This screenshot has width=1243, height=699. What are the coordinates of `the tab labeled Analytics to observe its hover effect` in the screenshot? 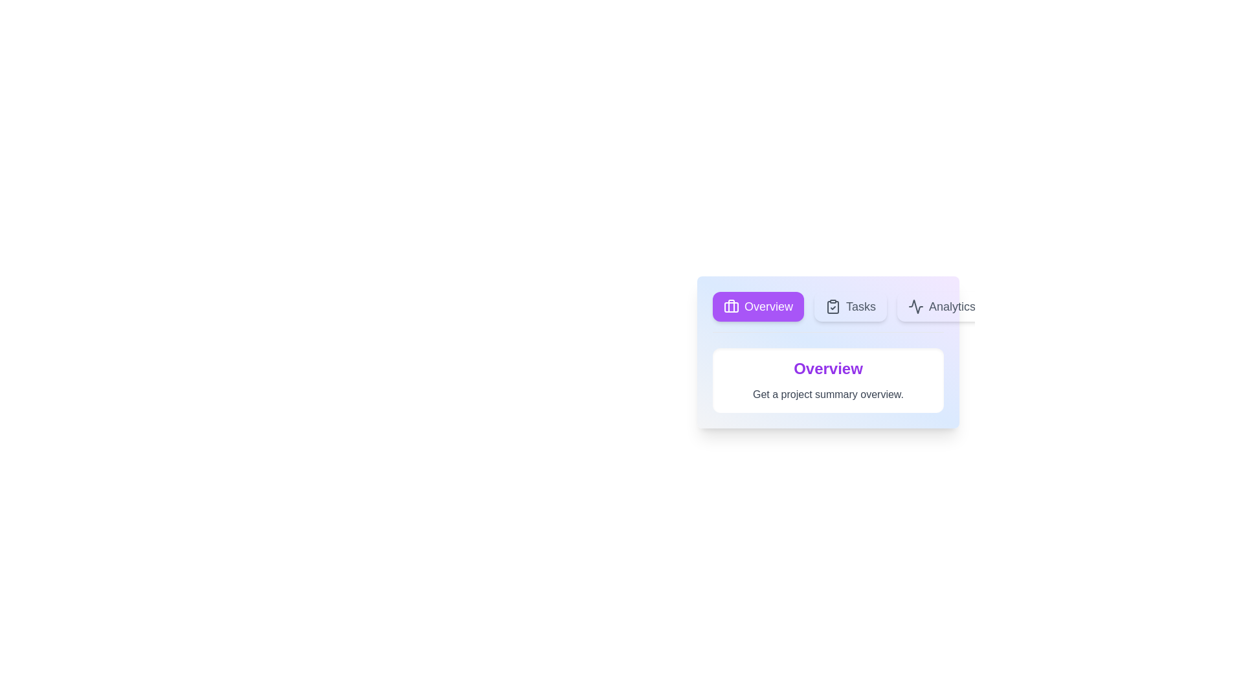 It's located at (941, 307).